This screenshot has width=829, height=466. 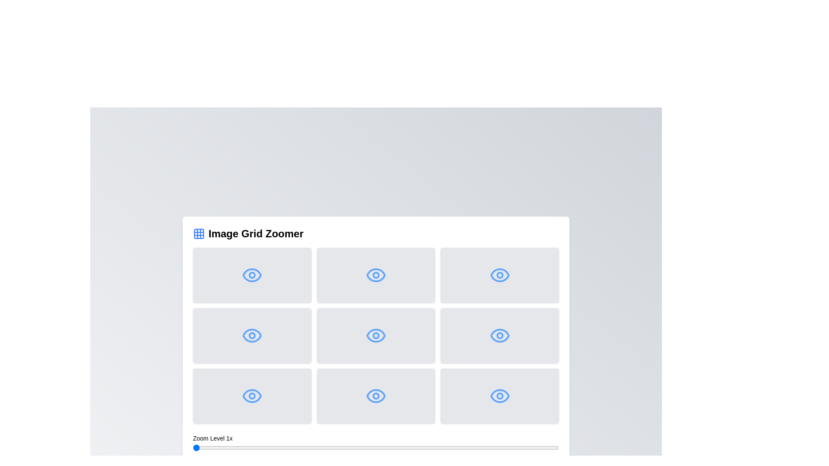 What do you see at coordinates (376, 233) in the screenshot?
I see `the heading text to focus on it` at bounding box center [376, 233].